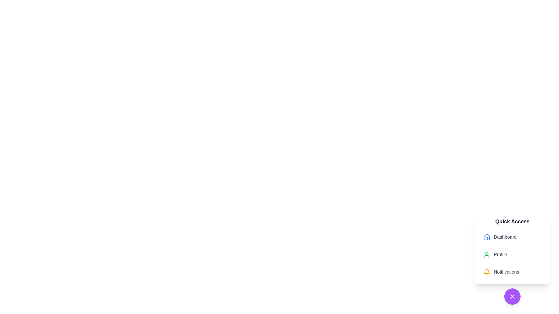 The image size is (559, 314). Describe the element at coordinates (512, 222) in the screenshot. I see `header text of the 'Quick Access' section, which is located at the top of a white card component outlined with a shadow` at that location.